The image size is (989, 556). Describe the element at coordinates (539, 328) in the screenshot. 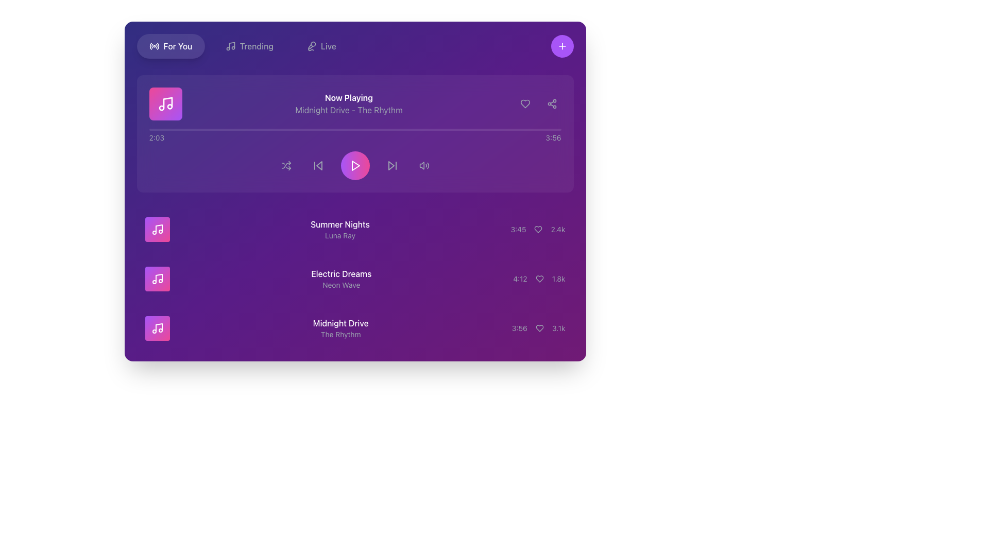

I see `the heart-shaped icon with a red fill located in the bottom-right corner of the interface` at that location.